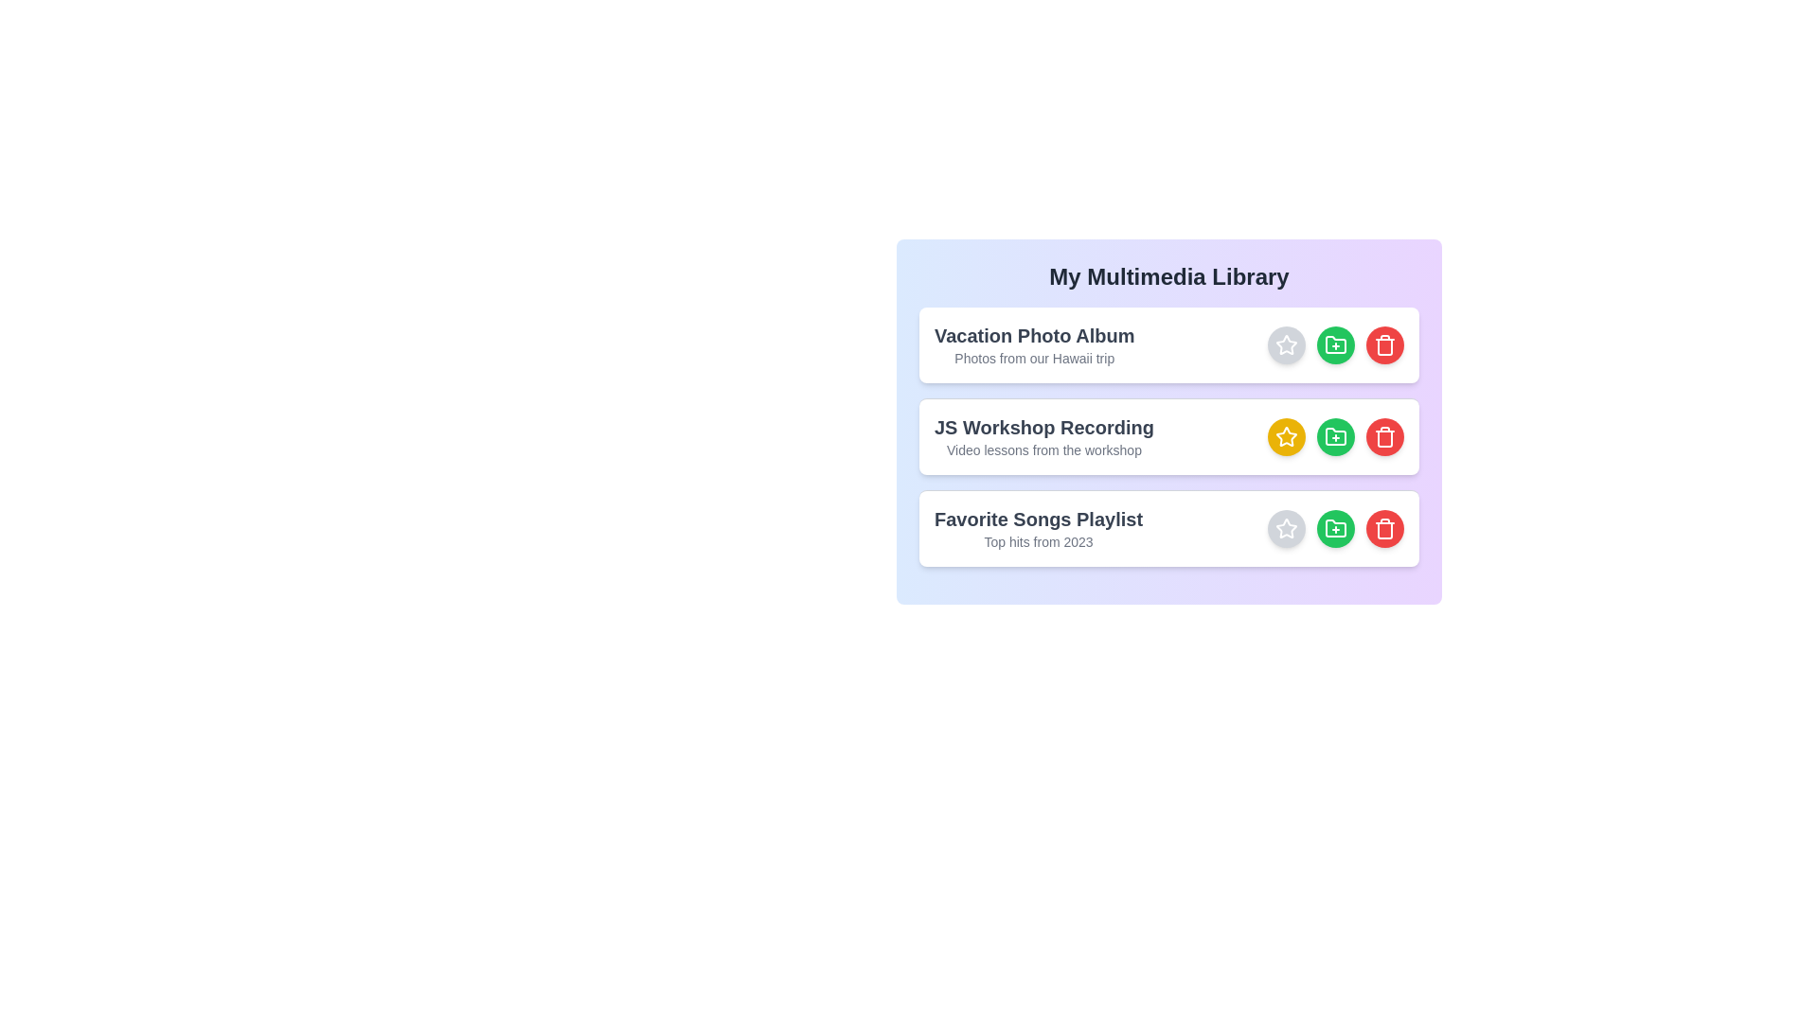 The width and height of the screenshot is (1818, 1022). Describe the element at coordinates (1335, 437) in the screenshot. I see `the green circular button with a folder icon and a plus sign located to the right of the 'JS Workshop Recording' label in the multimedia library interface` at that location.